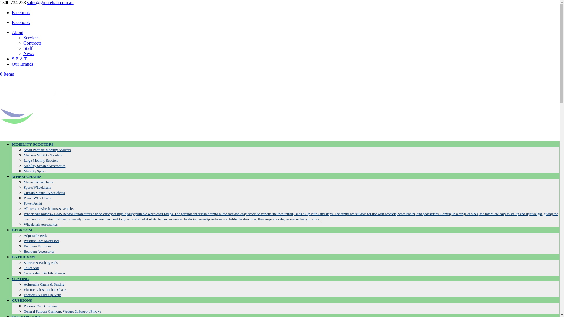 The height and width of the screenshot is (317, 564). I want to click on 'BATHROOM', so click(23, 257).